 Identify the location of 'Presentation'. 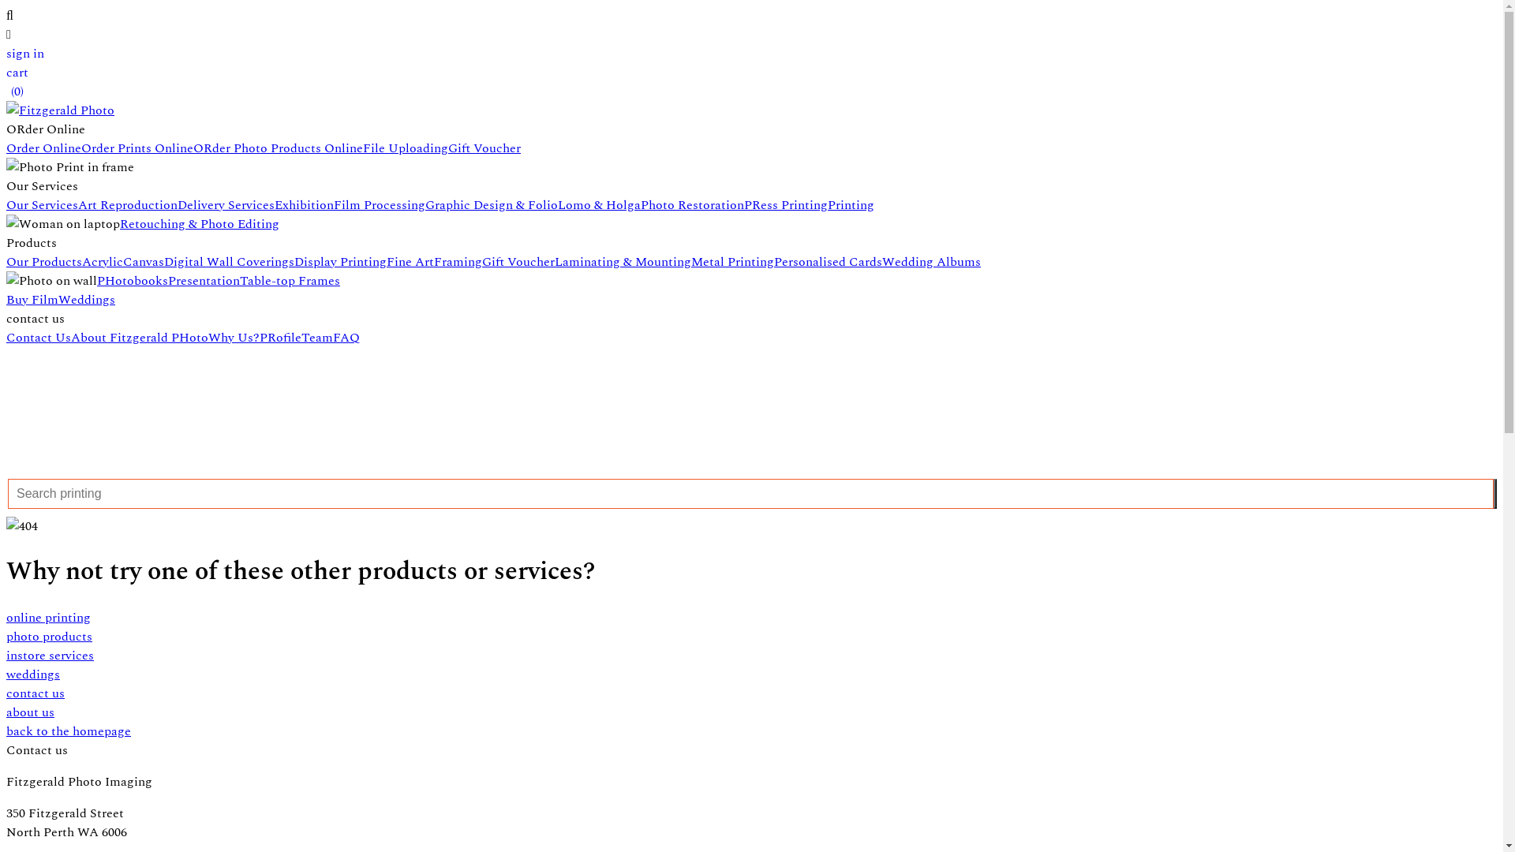
(203, 279).